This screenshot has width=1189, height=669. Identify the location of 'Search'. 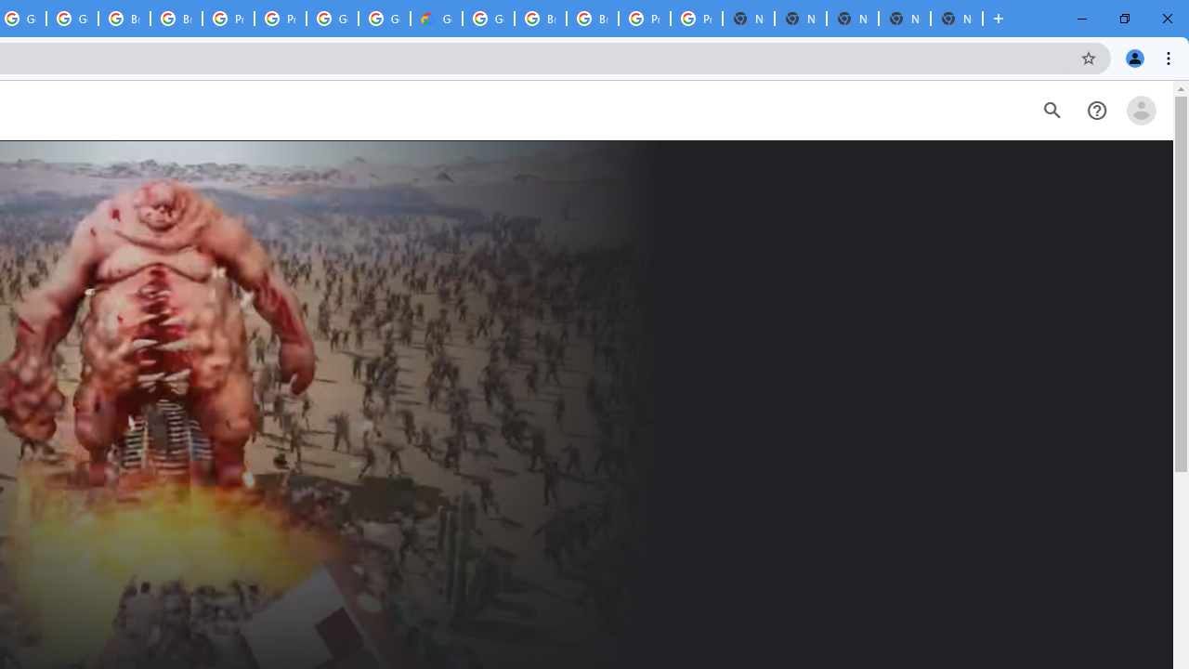
(1052, 111).